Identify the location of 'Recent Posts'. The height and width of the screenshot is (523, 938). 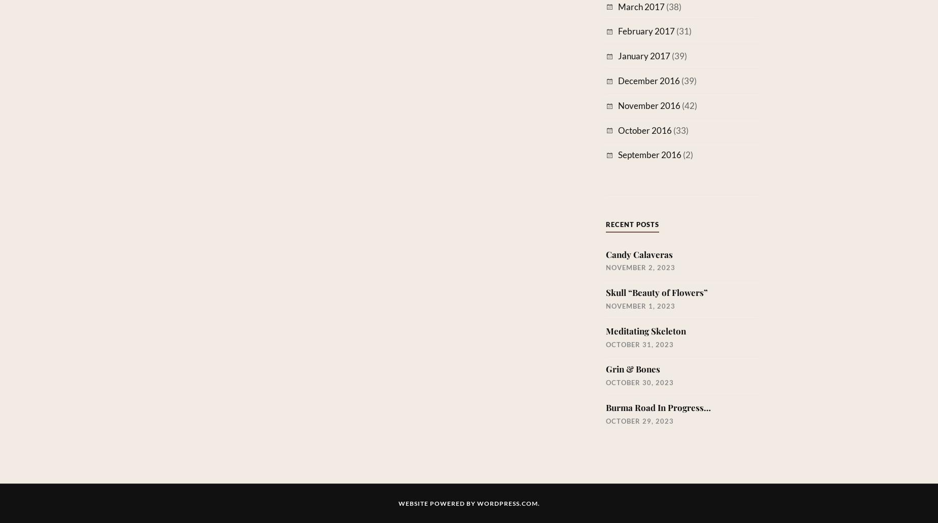
(605, 223).